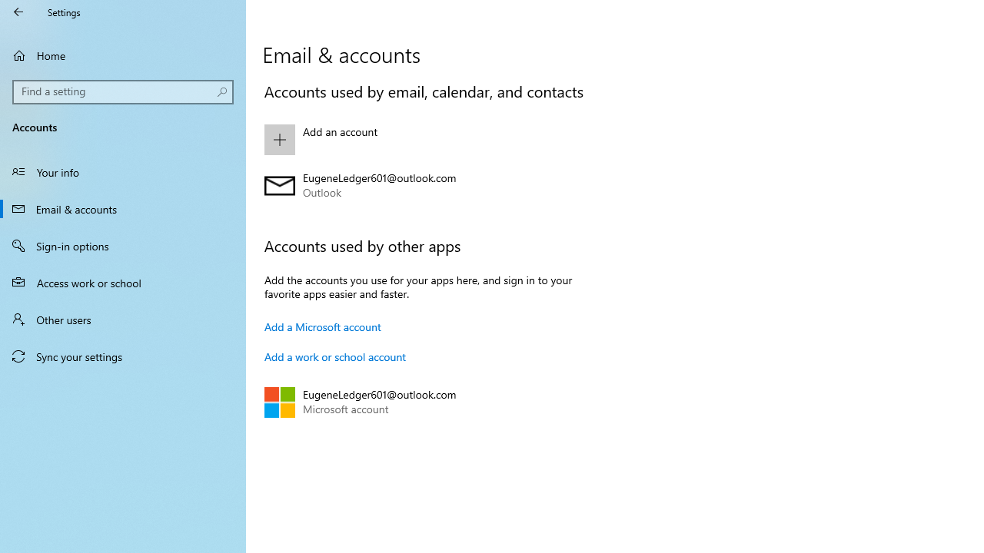  What do you see at coordinates (432, 401) in the screenshot?
I see `'EugeneLedger601@outlook.com Microsoft account'` at bounding box center [432, 401].